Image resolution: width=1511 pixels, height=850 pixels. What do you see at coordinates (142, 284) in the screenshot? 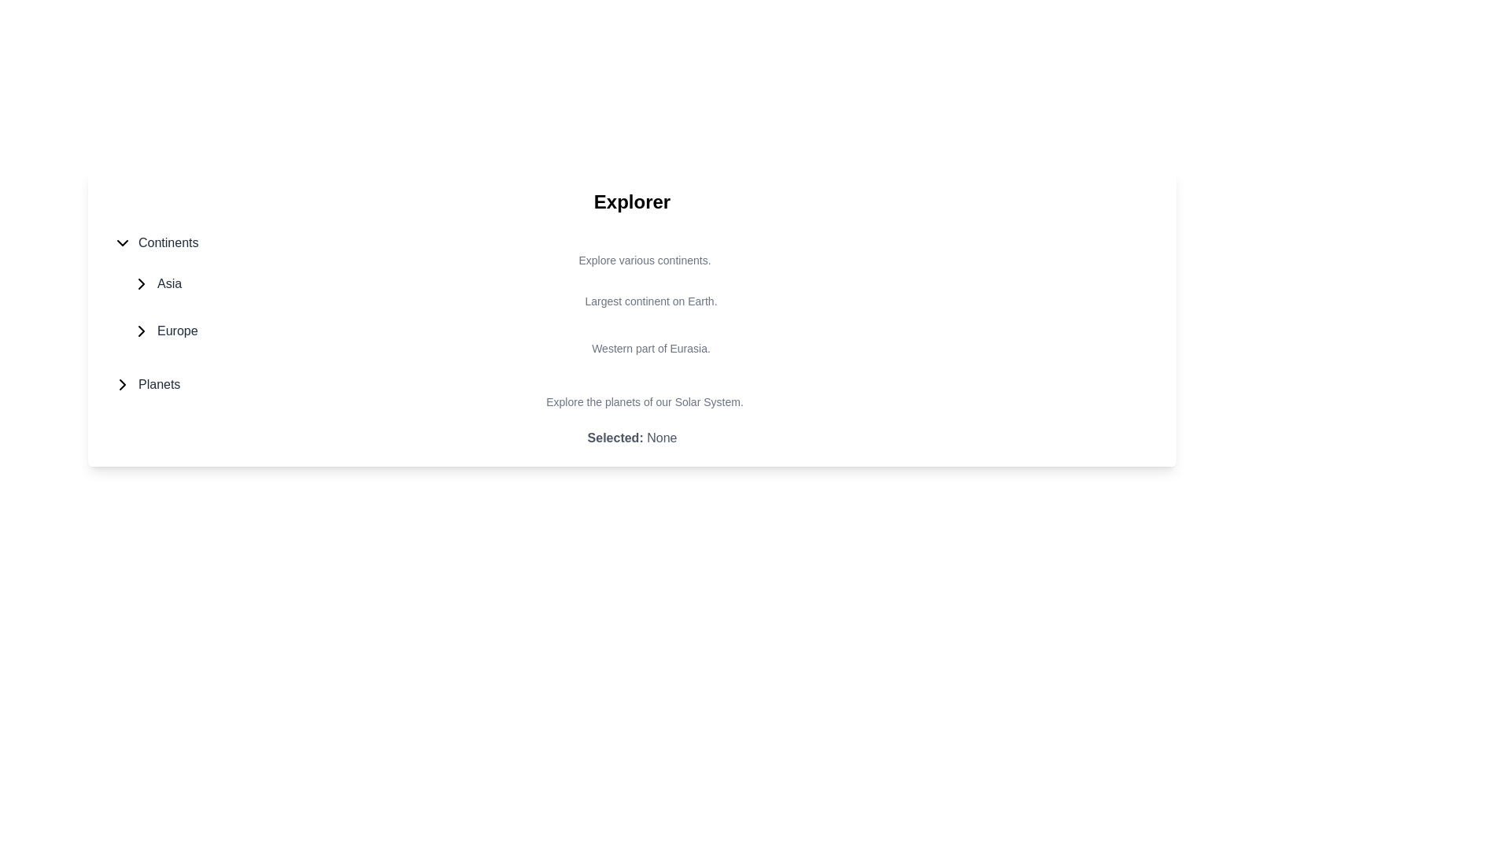
I see `the chevron icon adjacent to the label 'Asia' in the vertical navigation menu` at bounding box center [142, 284].